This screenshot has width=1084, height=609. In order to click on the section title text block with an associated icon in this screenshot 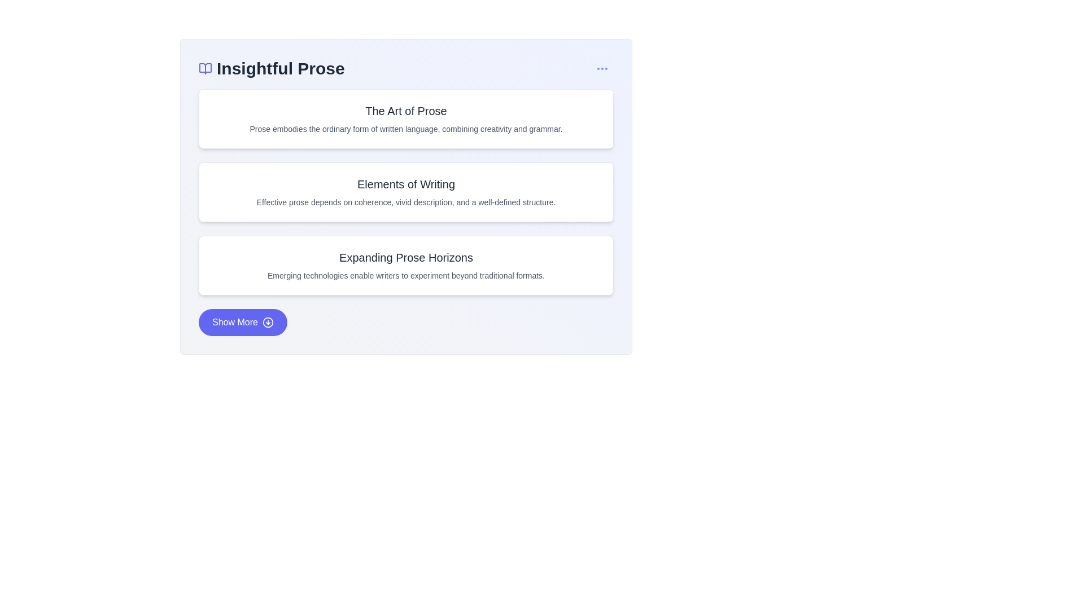, I will do `click(272, 69)`.